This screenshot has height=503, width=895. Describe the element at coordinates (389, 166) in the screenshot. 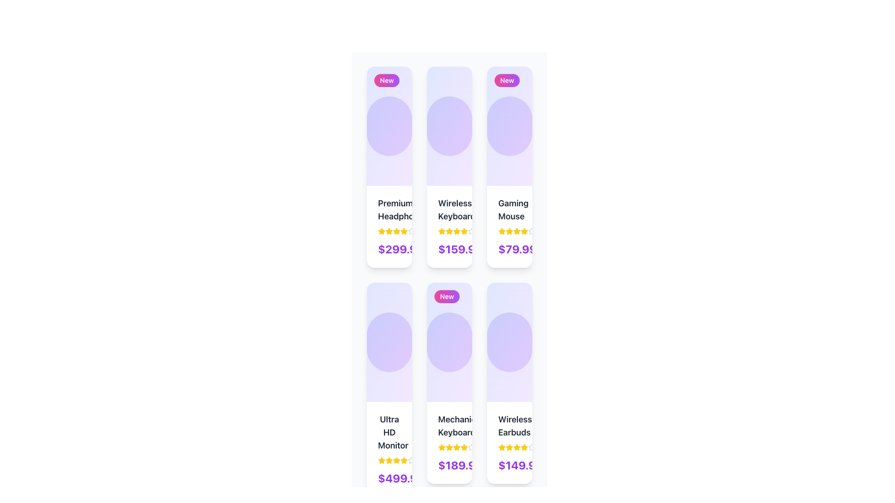

I see `the 'Premium Headphones' product card located` at that location.